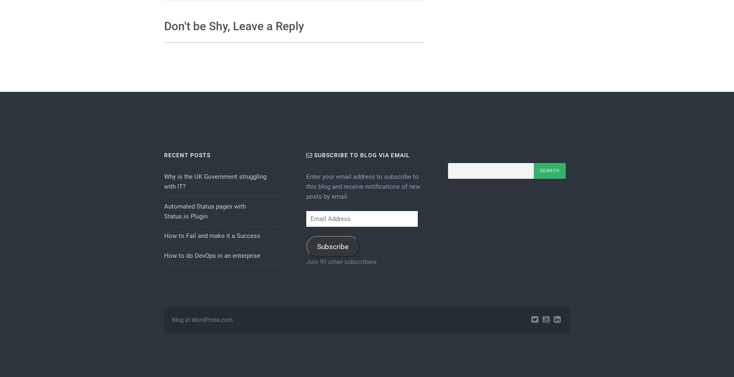 This screenshot has height=377, width=734. I want to click on 'Subscribe to Blog via Email', so click(313, 155).